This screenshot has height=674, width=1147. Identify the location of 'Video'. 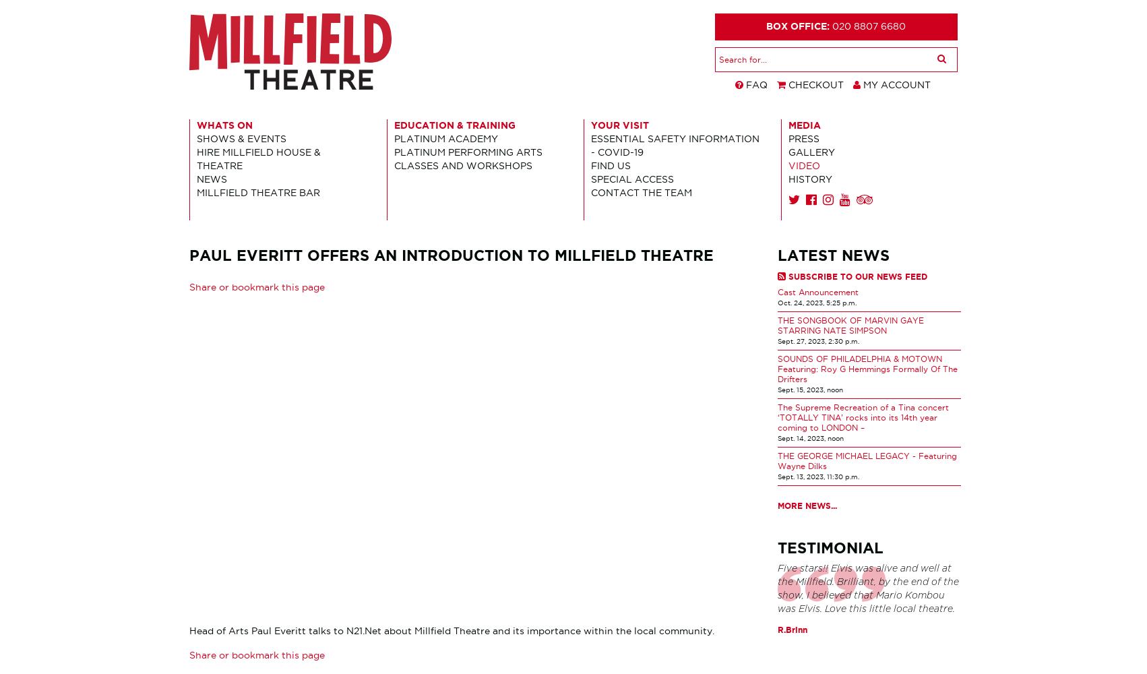
(803, 164).